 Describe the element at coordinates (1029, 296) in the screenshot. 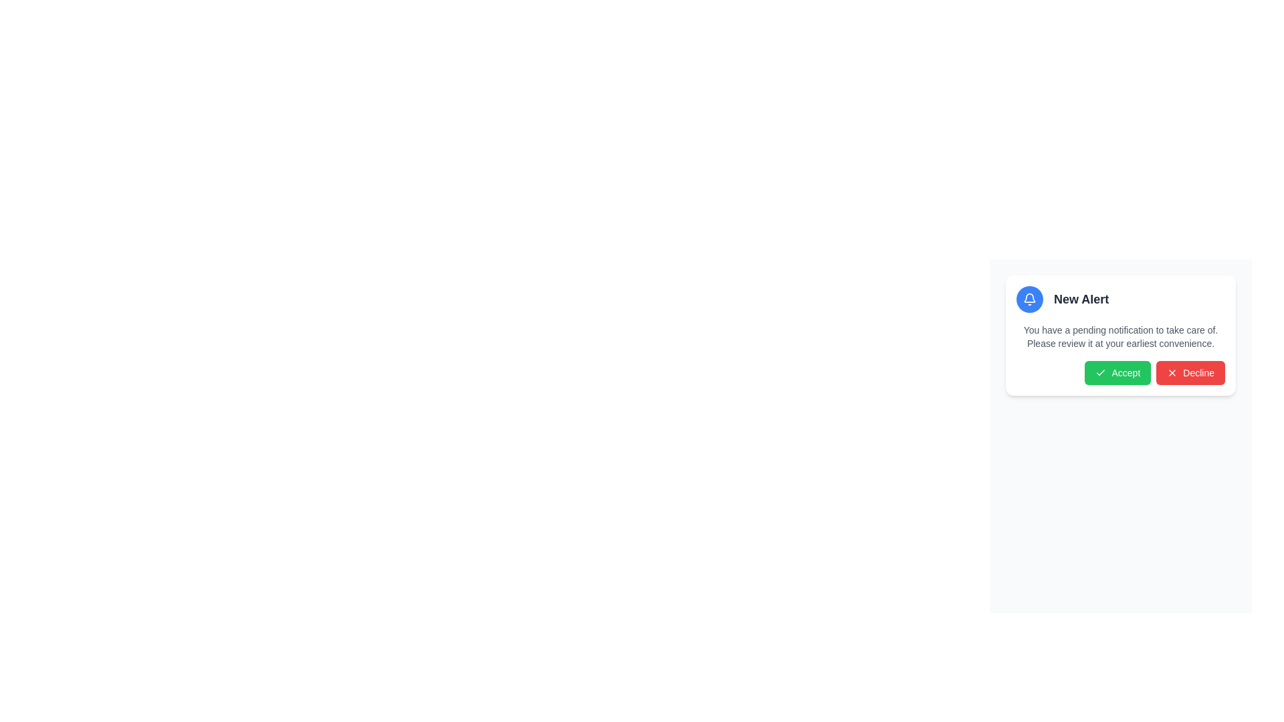

I see `the bell icon located in the top-right of the card-like popup notification to understand its context regarding the alert message` at that location.